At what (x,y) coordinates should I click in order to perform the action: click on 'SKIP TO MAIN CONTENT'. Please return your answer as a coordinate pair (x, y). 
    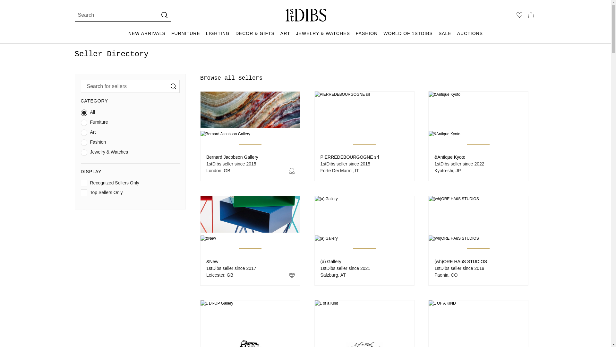
    Looking at the image, I should click on (3, 3).